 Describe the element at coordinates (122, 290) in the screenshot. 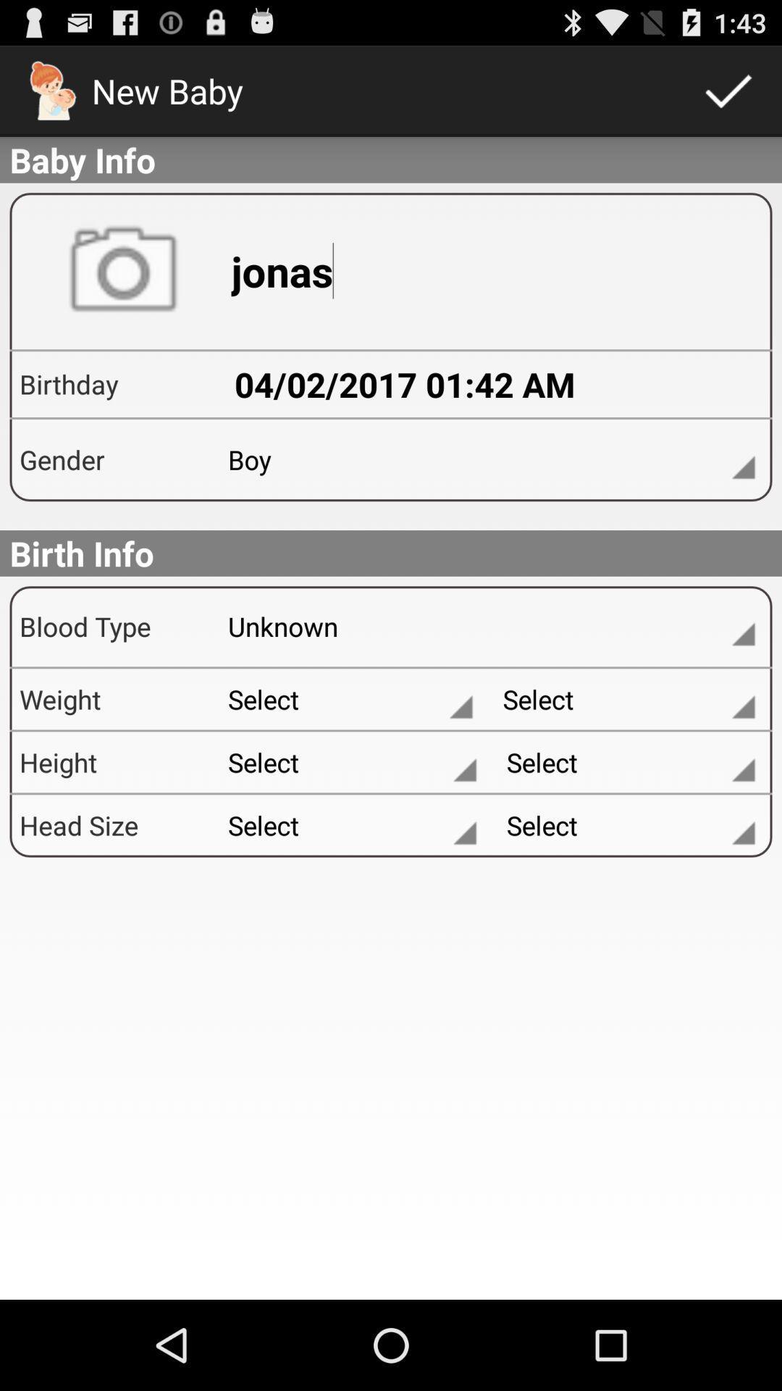

I see `the photo icon` at that location.